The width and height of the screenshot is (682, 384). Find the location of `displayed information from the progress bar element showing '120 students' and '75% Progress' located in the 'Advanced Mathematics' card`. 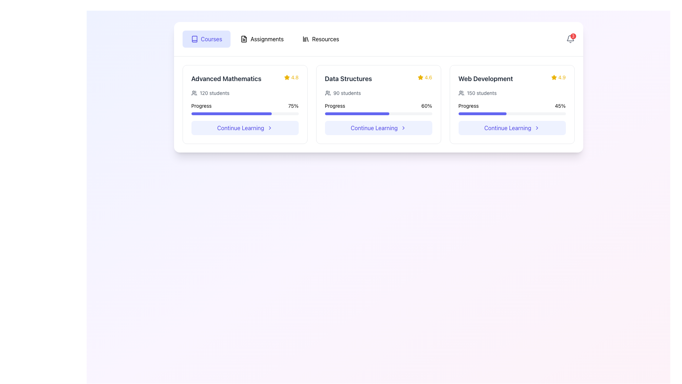

displayed information from the progress bar element showing '120 students' and '75% Progress' located in the 'Advanced Mathematics' card is located at coordinates (245, 102).